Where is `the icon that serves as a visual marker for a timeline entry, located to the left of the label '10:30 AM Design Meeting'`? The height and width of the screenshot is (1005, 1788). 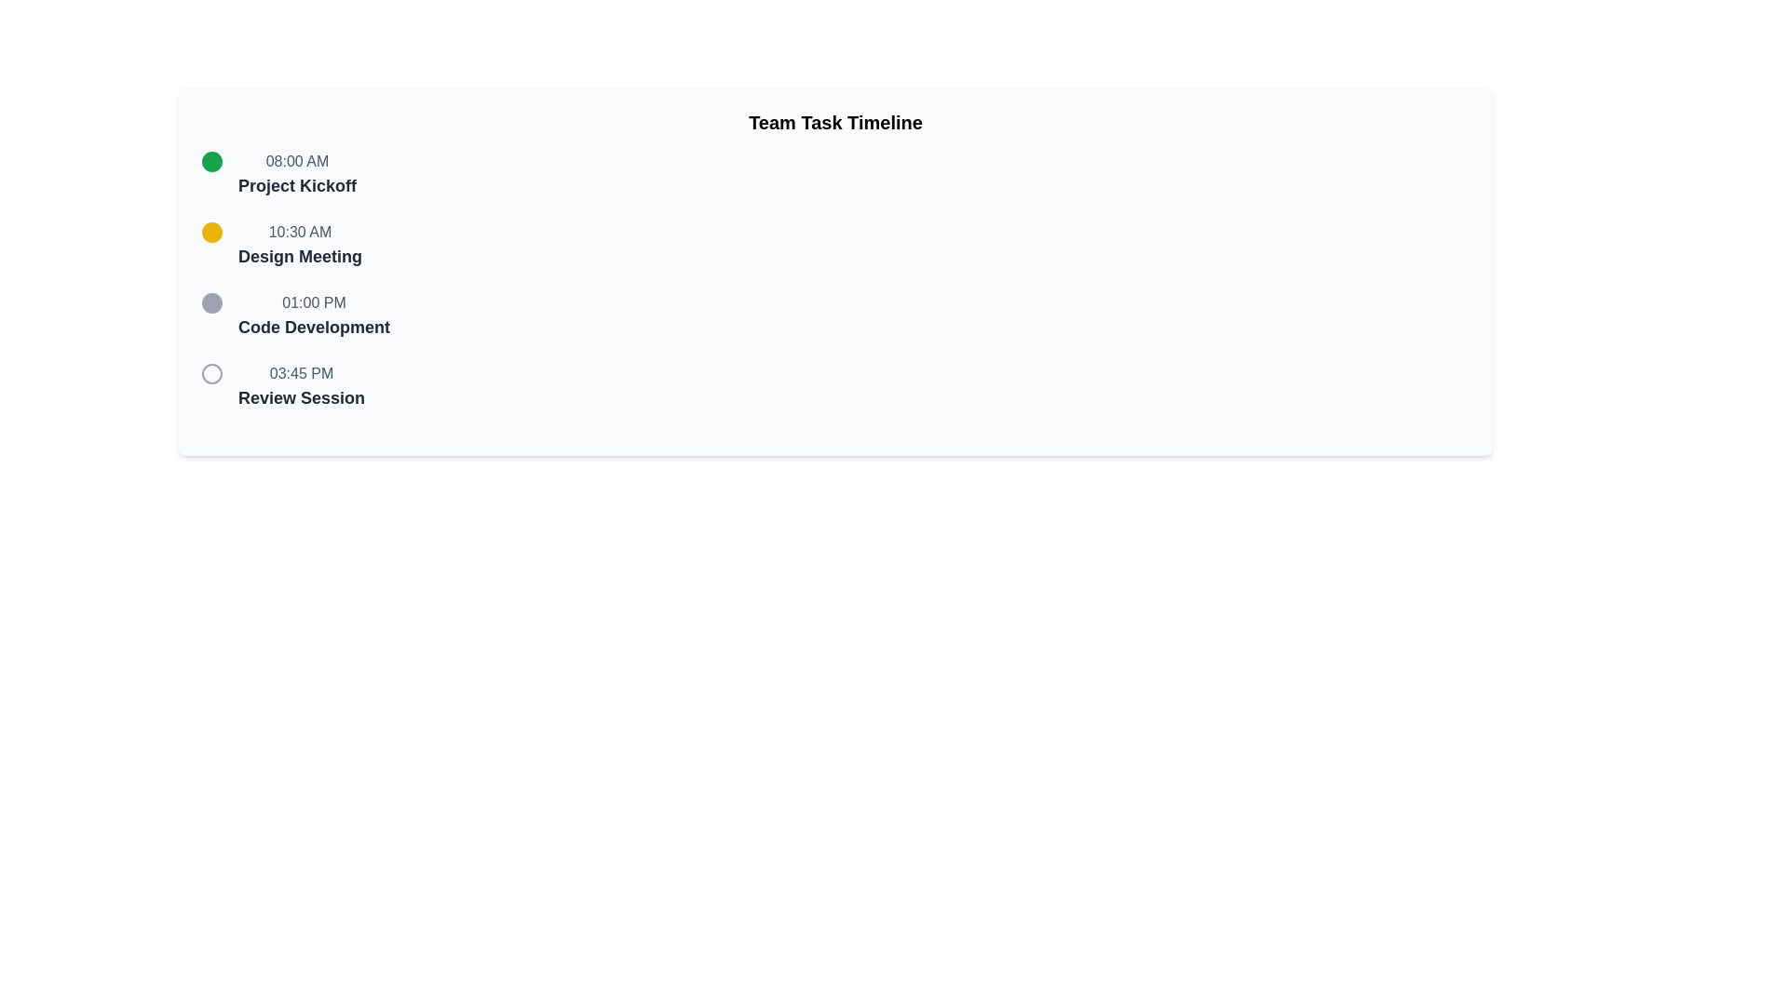
the icon that serves as a visual marker for a timeline entry, located to the left of the label '10:30 AM Design Meeting' is located at coordinates (211, 233).